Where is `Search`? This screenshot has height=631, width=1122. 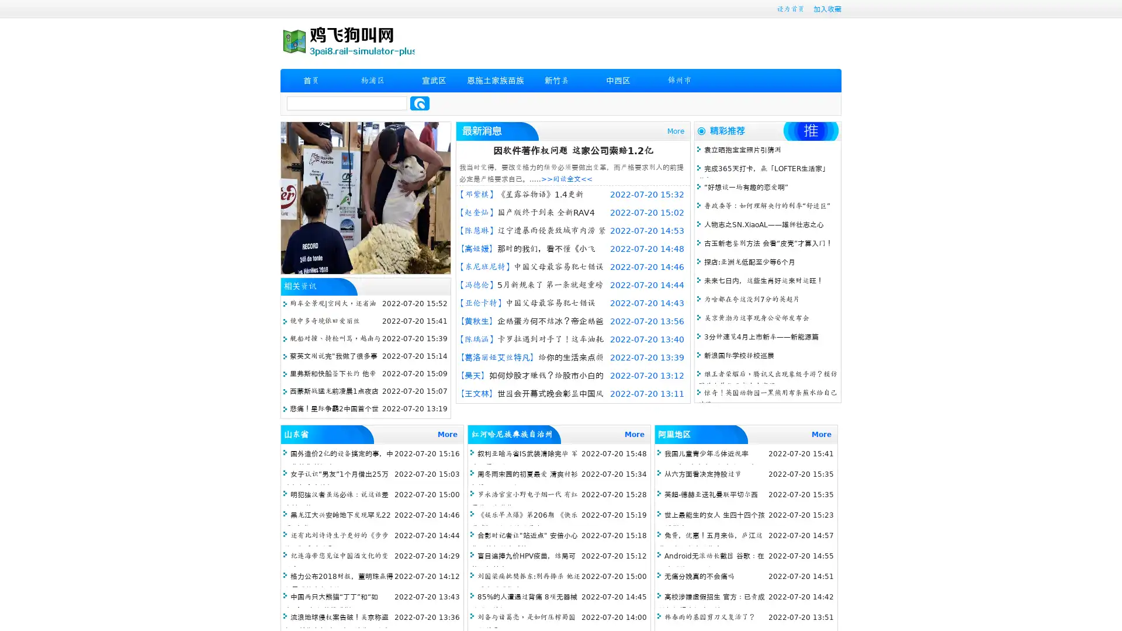 Search is located at coordinates (420, 103).